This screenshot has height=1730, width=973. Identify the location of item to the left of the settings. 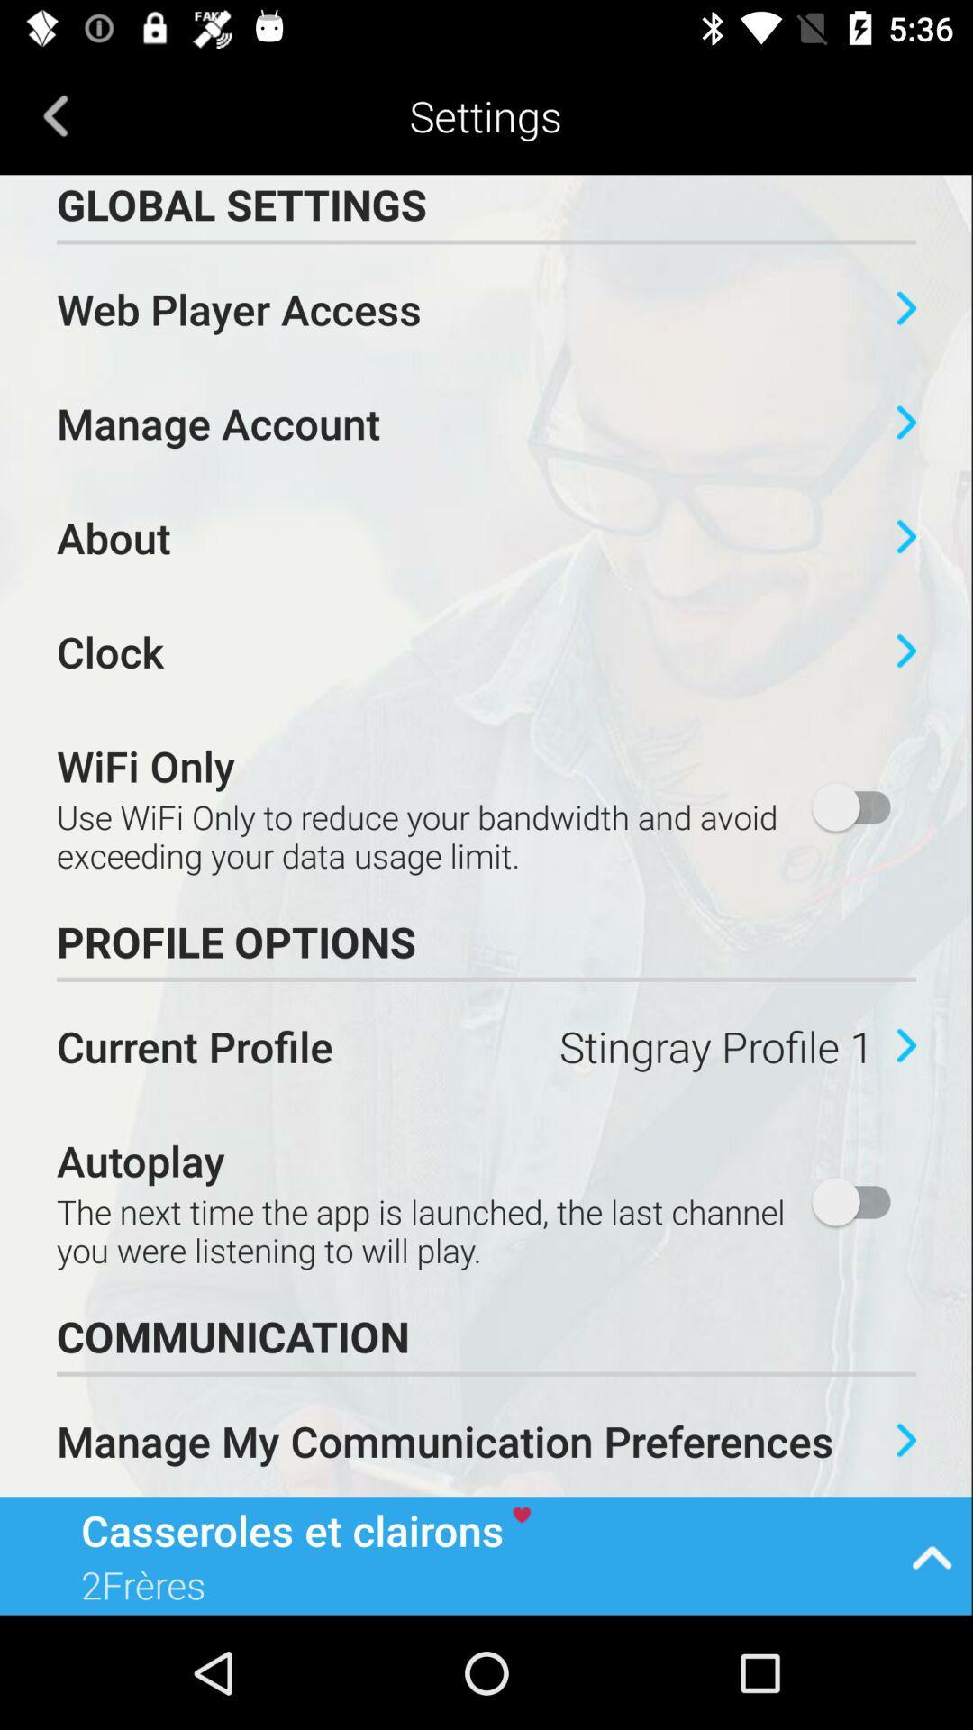
(55, 114).